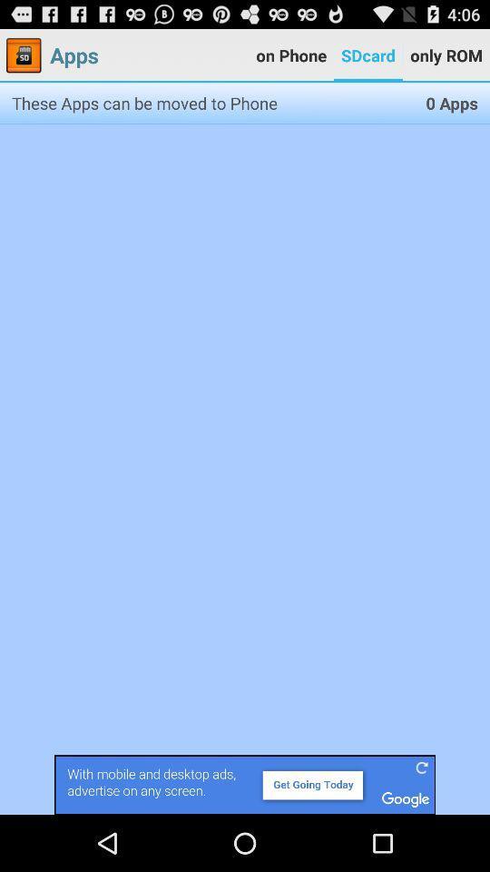 This screenshot has height=872, width=490. I want to click on only rom above 0 apps, so click(445, 55).